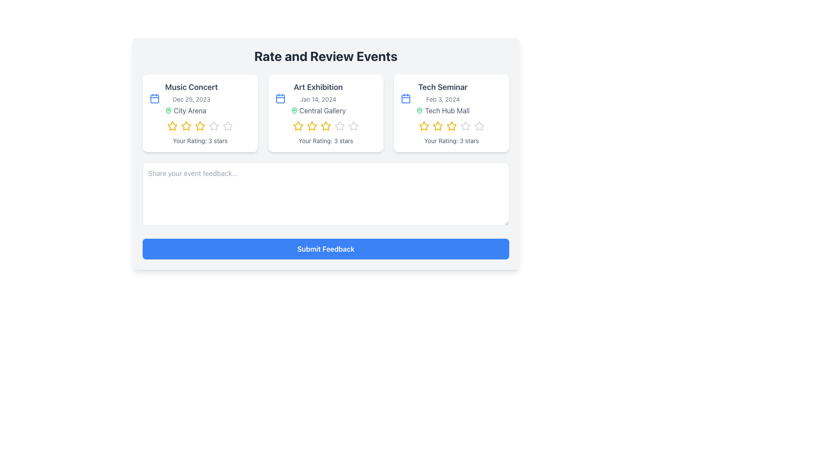 This screenshot has width=830, height=467. Describe the element at coordinates (200, 126) in the screenshot. I see `the third star icon in the rating row of the 'Music Concert' card` at that location.